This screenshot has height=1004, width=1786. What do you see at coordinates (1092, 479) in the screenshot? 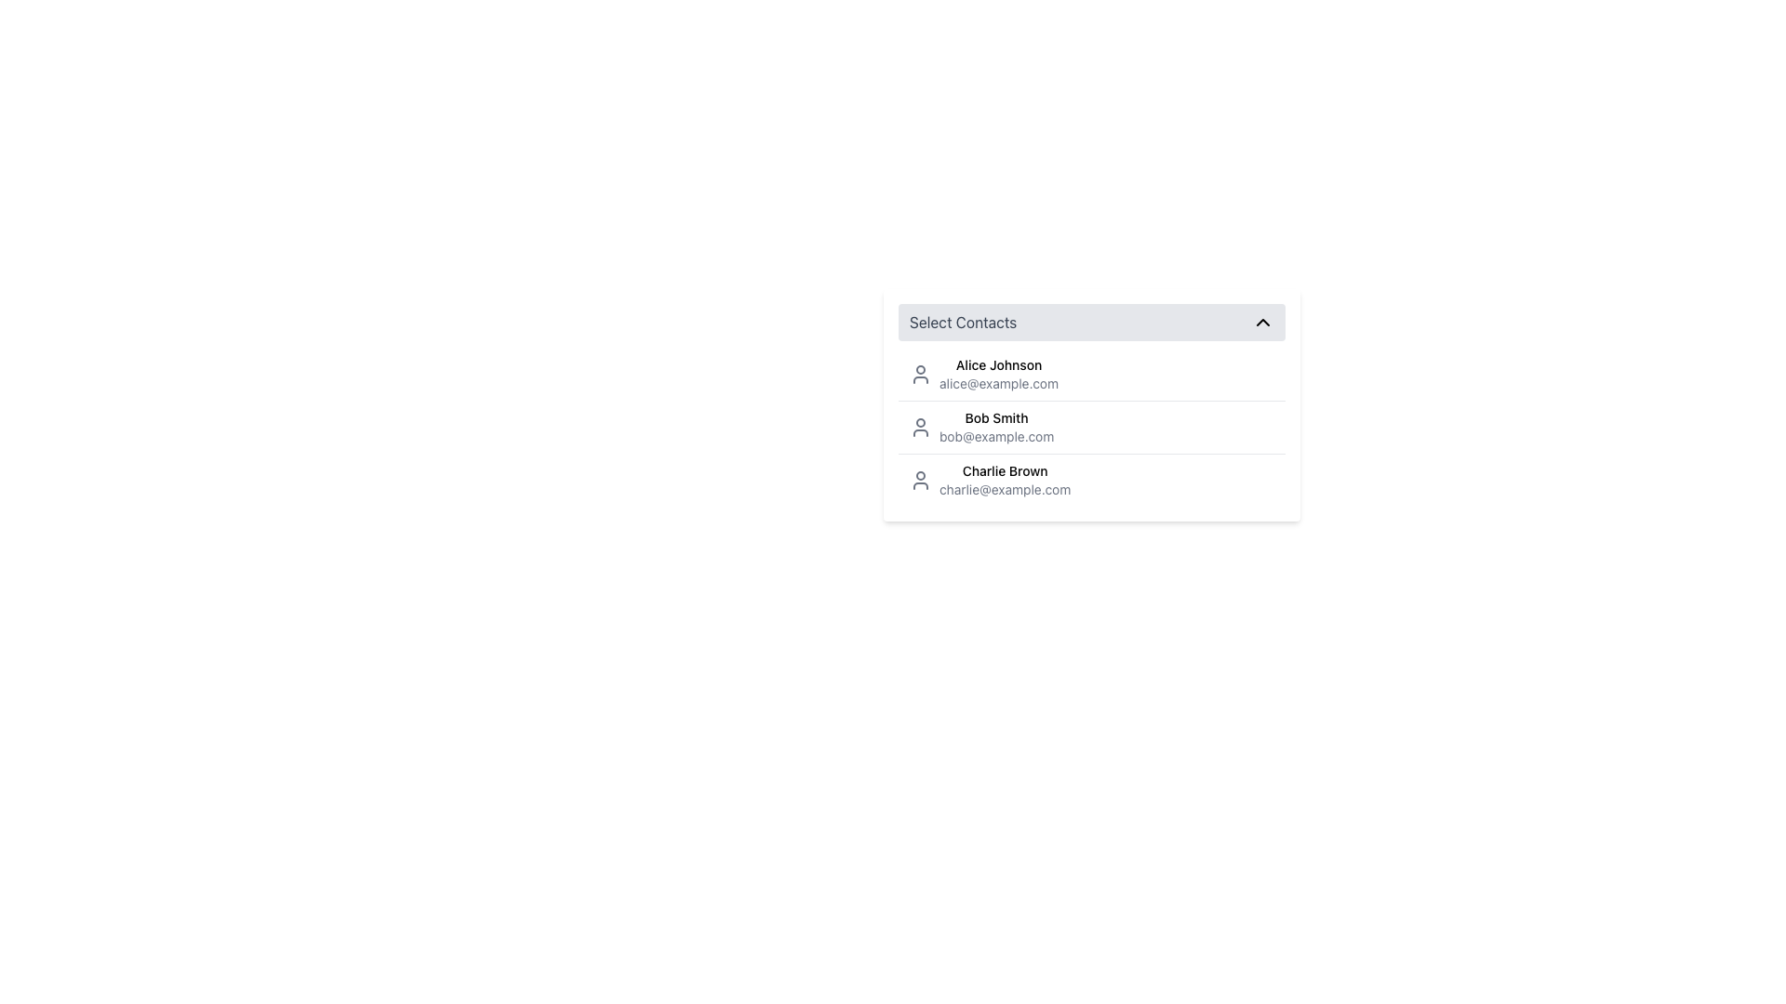
I see `the third contact entry in the list, which represents a contact with a name and email address` at bounding box center [1092, 479].